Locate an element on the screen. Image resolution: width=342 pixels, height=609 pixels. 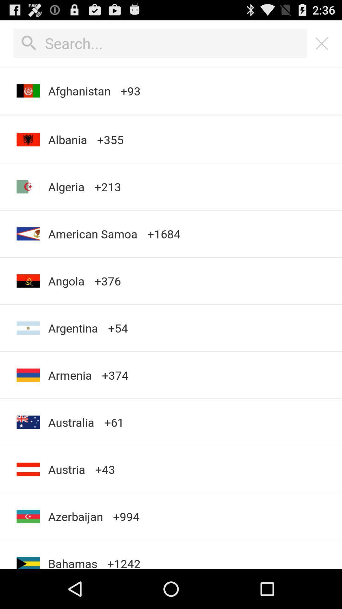
the item below american samoa app is located at coordinates (66, 280).